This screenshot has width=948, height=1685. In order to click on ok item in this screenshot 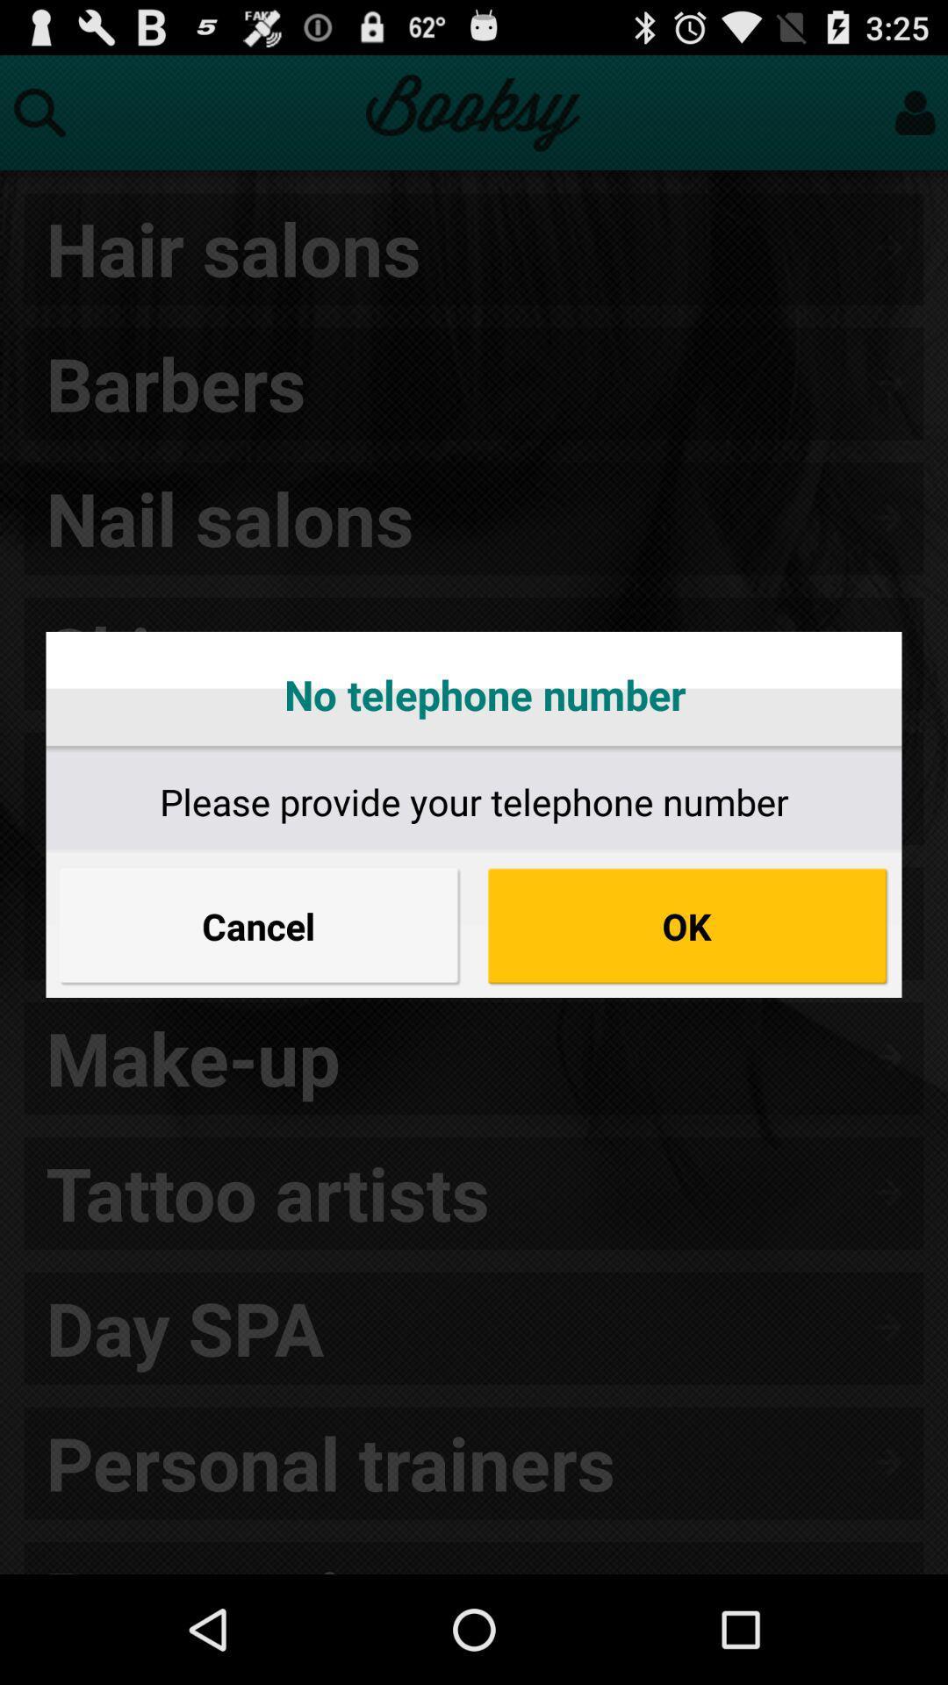, I will do `click(686, 925)`.